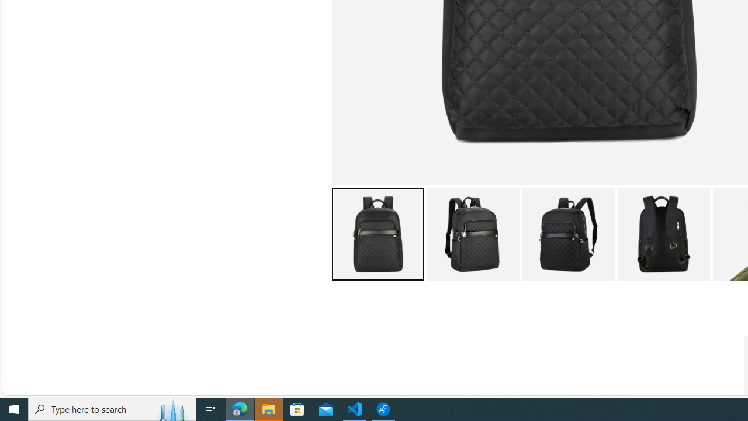  What do you see at coordinates (14, 408) in the screenshot?
I see `'Start'` at bounding box center [14, 408].